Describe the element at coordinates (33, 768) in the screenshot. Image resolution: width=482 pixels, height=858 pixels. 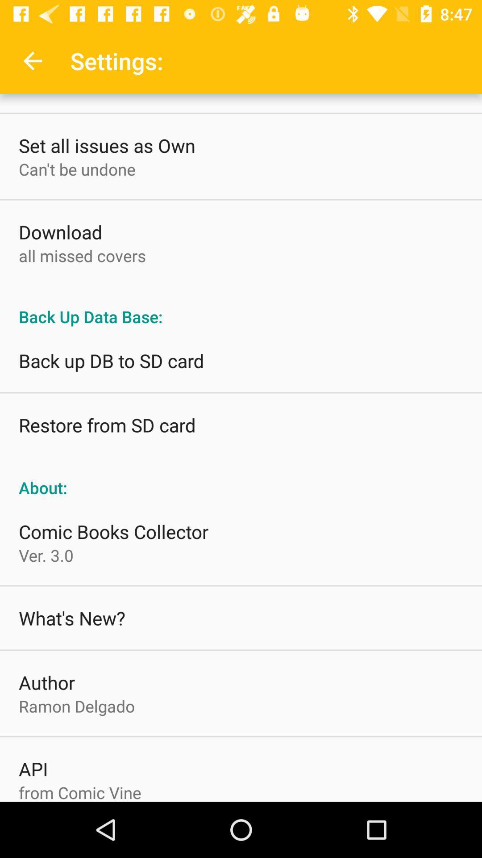
I see `the item above the from comic vine item` at that location.